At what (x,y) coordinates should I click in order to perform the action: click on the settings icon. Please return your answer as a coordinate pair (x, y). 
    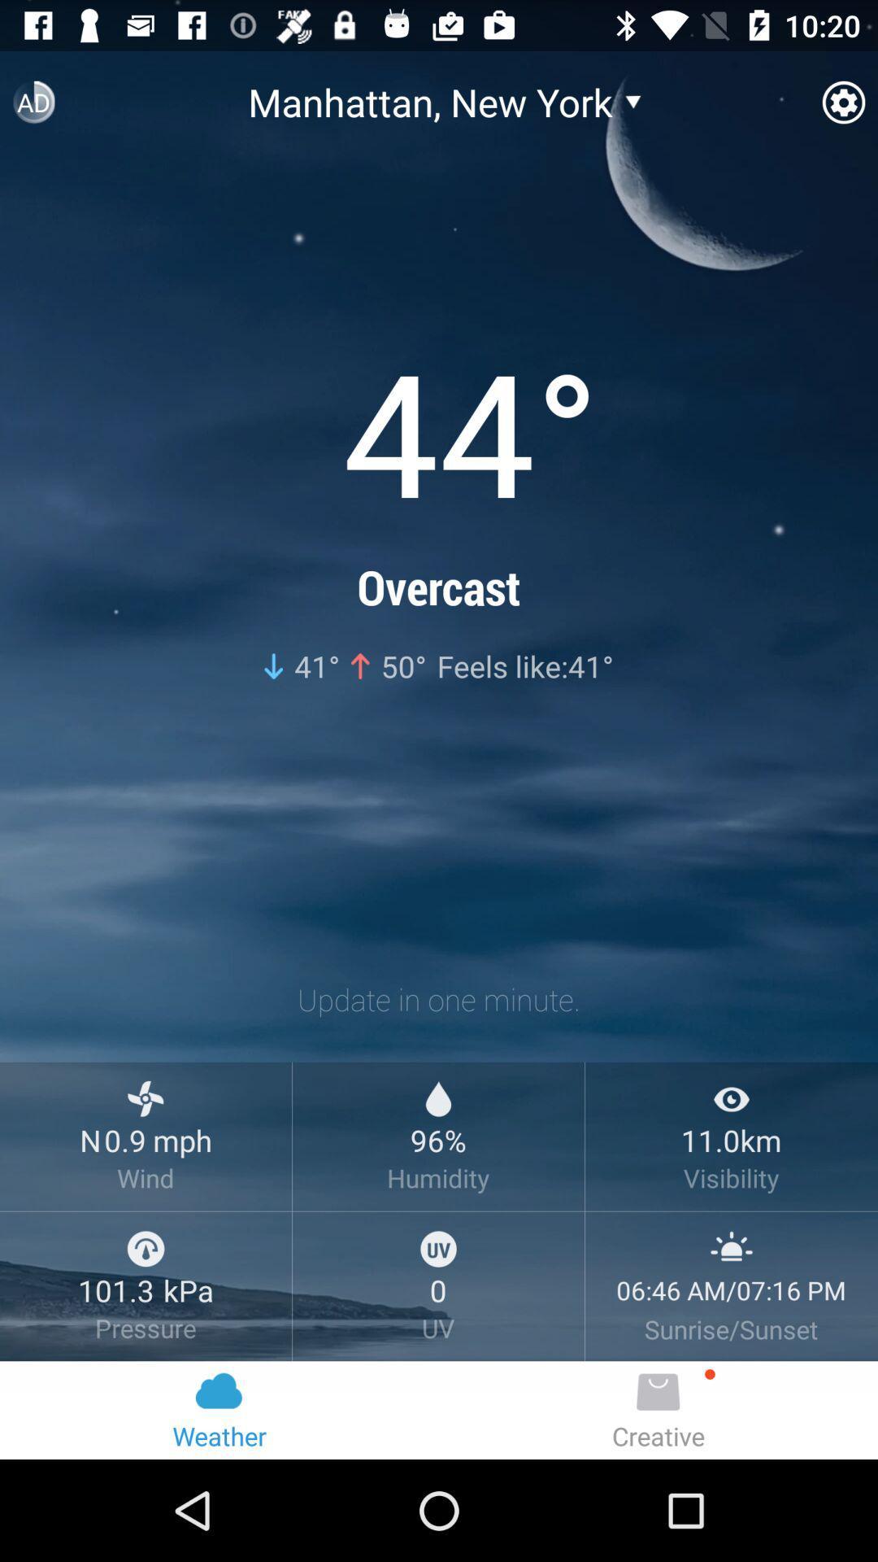
    Looking at the image, I should click on (842, 108).